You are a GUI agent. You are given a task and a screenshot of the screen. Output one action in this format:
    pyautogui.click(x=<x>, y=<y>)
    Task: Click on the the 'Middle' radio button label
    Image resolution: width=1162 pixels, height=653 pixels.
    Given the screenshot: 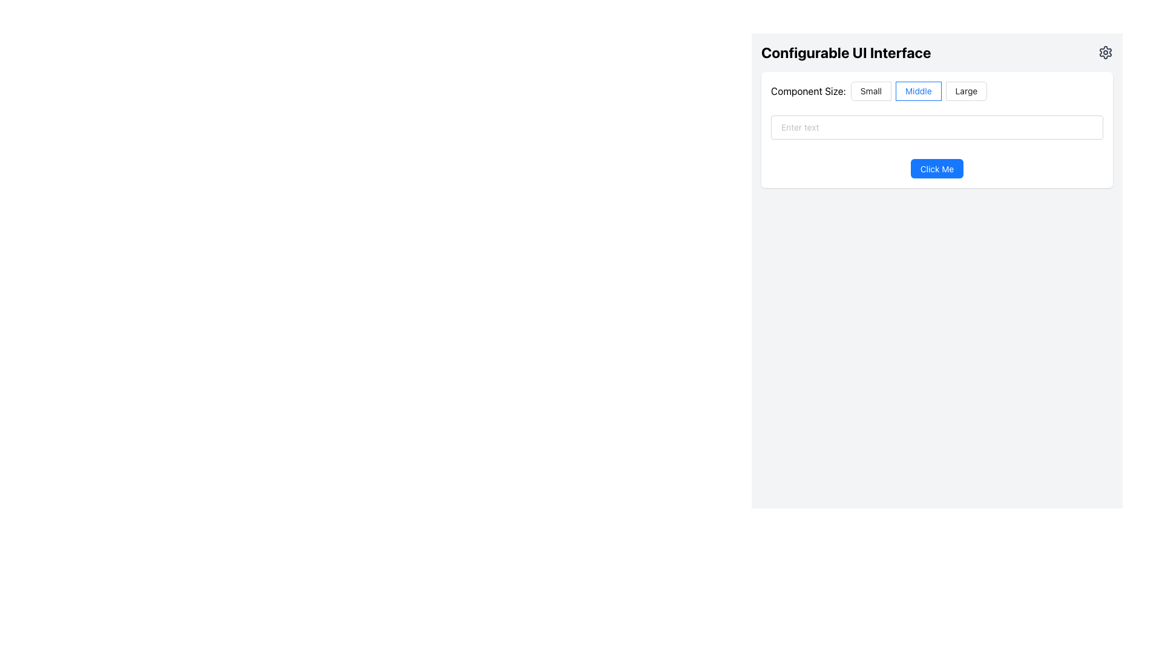 What is the action you would take?
    pyautogui.click(x=918, y=90)
    